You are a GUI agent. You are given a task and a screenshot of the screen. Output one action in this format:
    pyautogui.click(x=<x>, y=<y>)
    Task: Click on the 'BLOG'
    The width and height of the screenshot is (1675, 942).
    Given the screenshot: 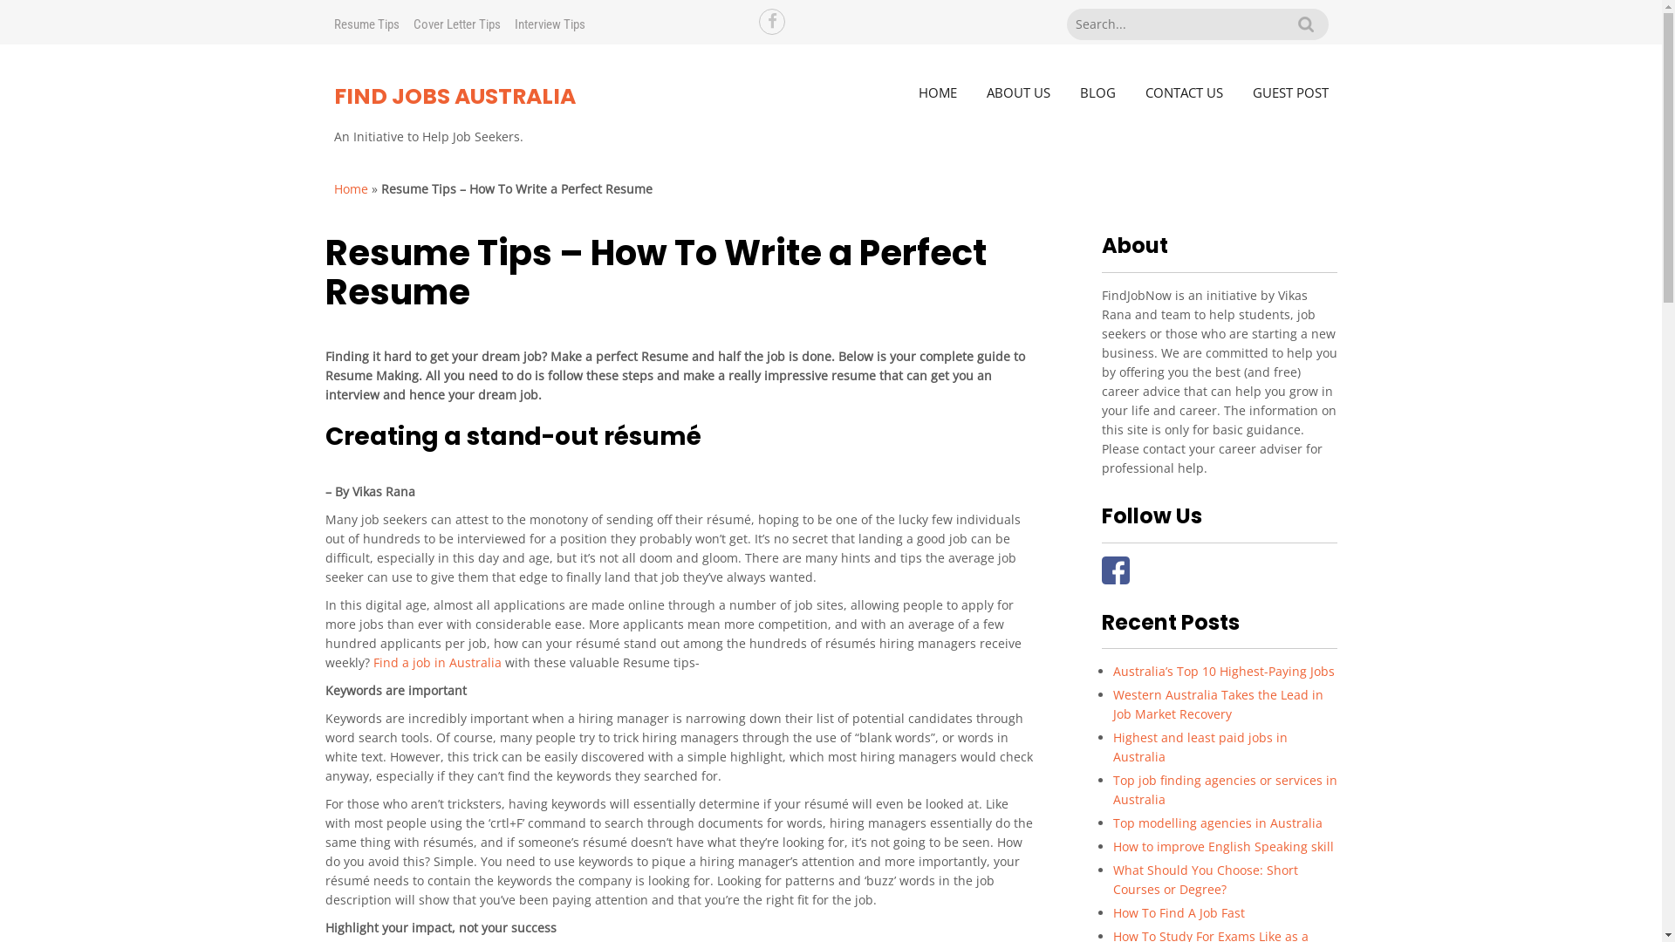 What is the action you would take?
    pyautogui.click(x=1096, y=92)
    